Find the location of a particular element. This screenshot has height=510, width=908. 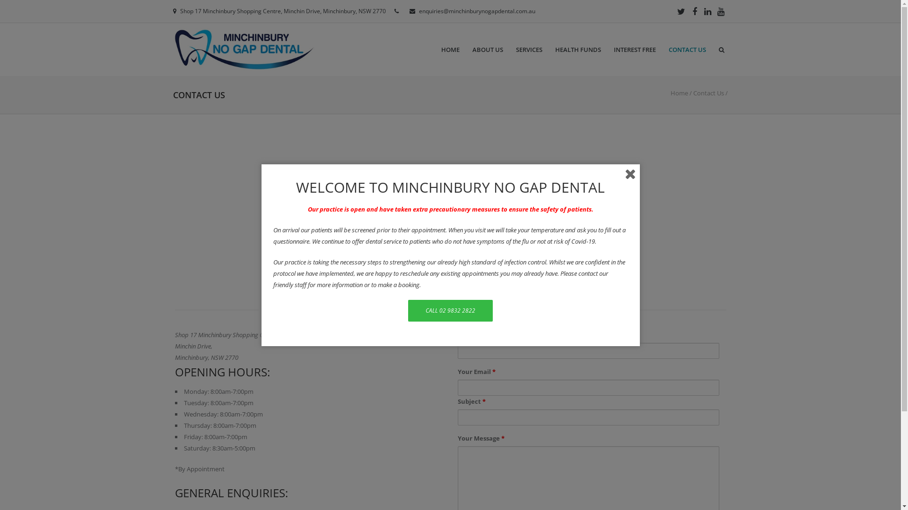

'CONTACT US' is located at coordinates (687, 50).